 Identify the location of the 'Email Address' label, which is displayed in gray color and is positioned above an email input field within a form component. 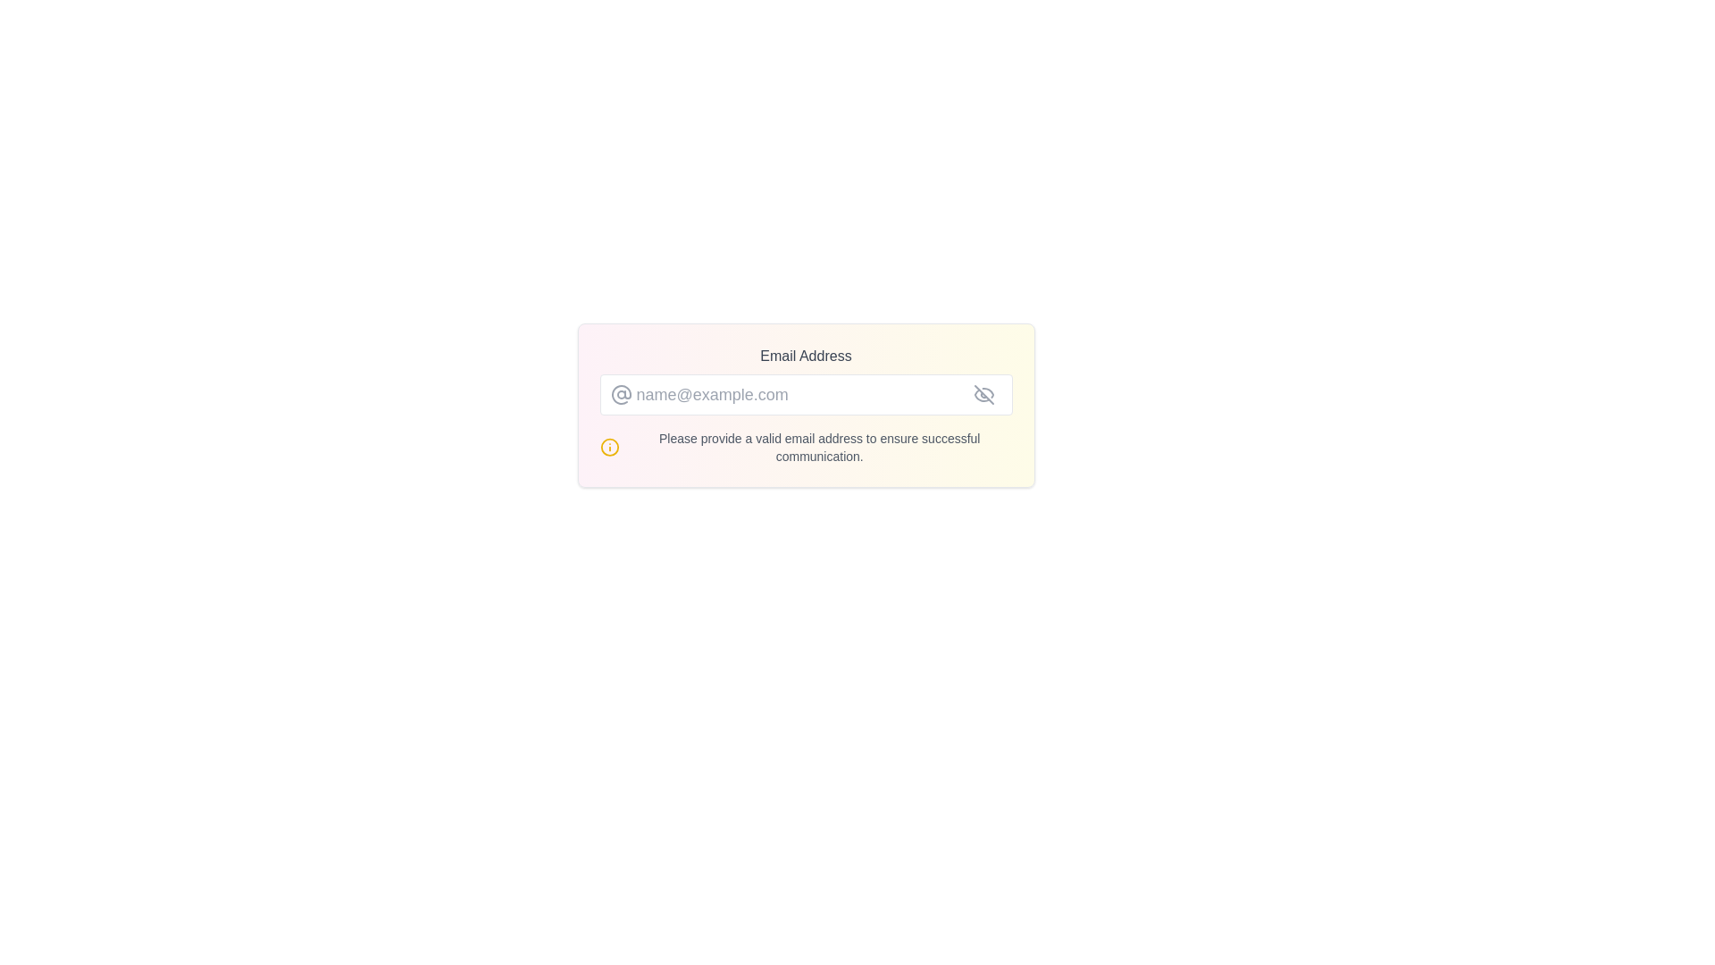
(805, 356).